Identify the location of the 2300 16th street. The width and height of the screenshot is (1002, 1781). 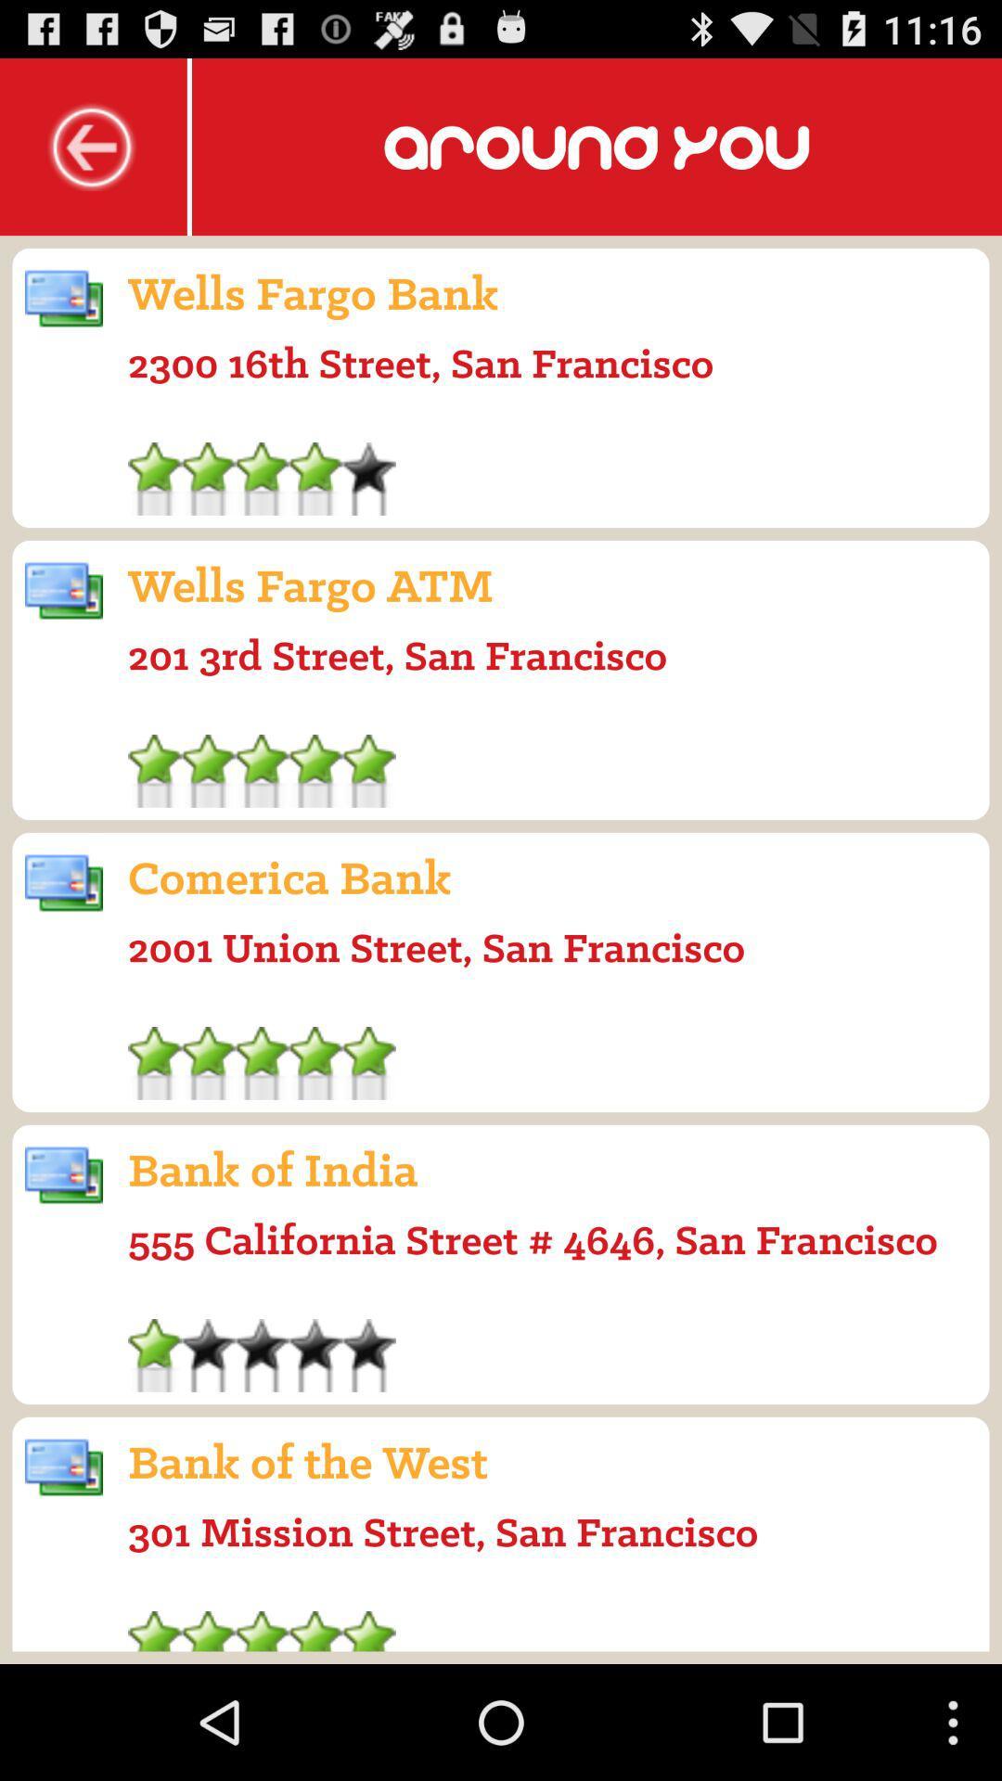
(420, 363).